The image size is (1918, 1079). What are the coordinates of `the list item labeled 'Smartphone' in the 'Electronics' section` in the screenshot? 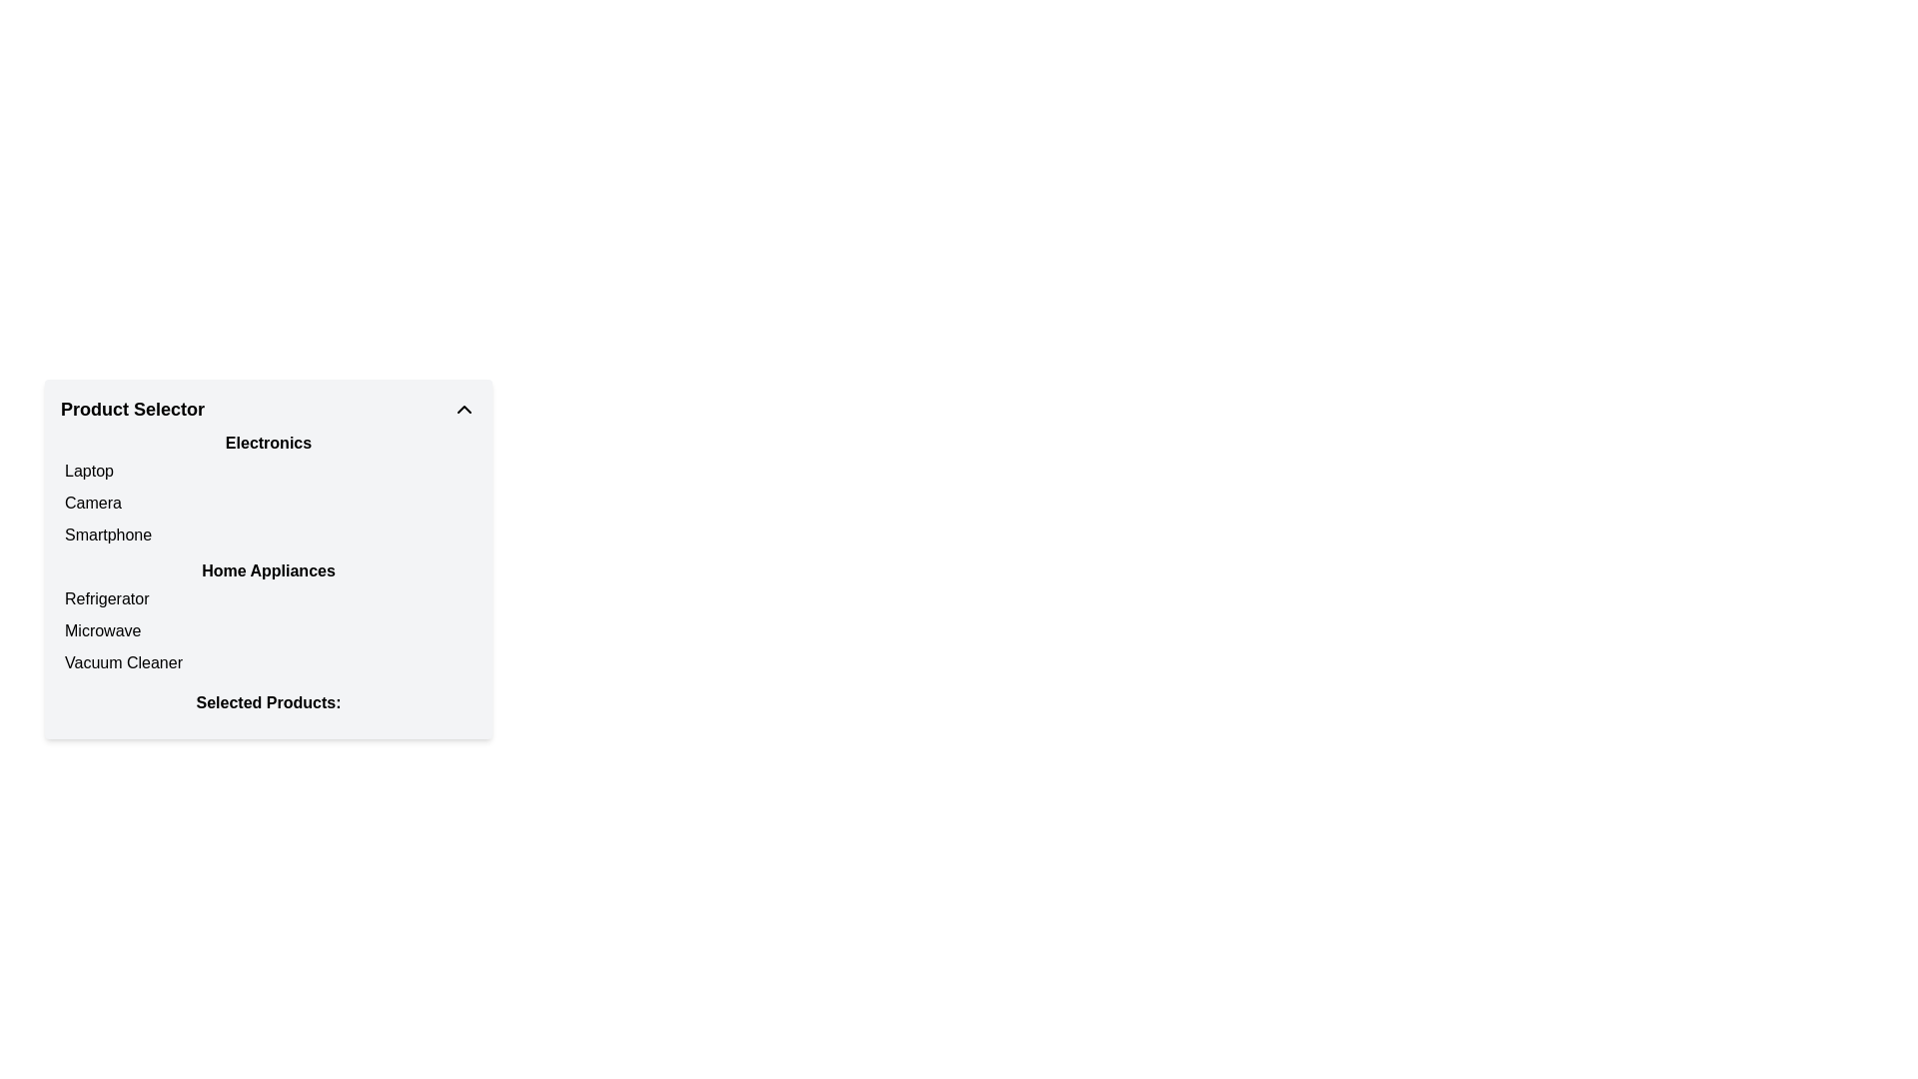 It's located at (267, 535).